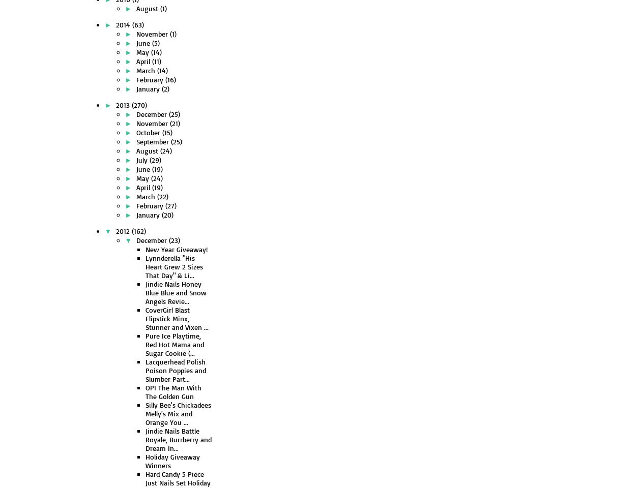 The height and width of the screenshot is (488, 636). What do you see at coordinates (154, 141) in the screenshot?
I see `'September'` at bounding box center [154, 141].